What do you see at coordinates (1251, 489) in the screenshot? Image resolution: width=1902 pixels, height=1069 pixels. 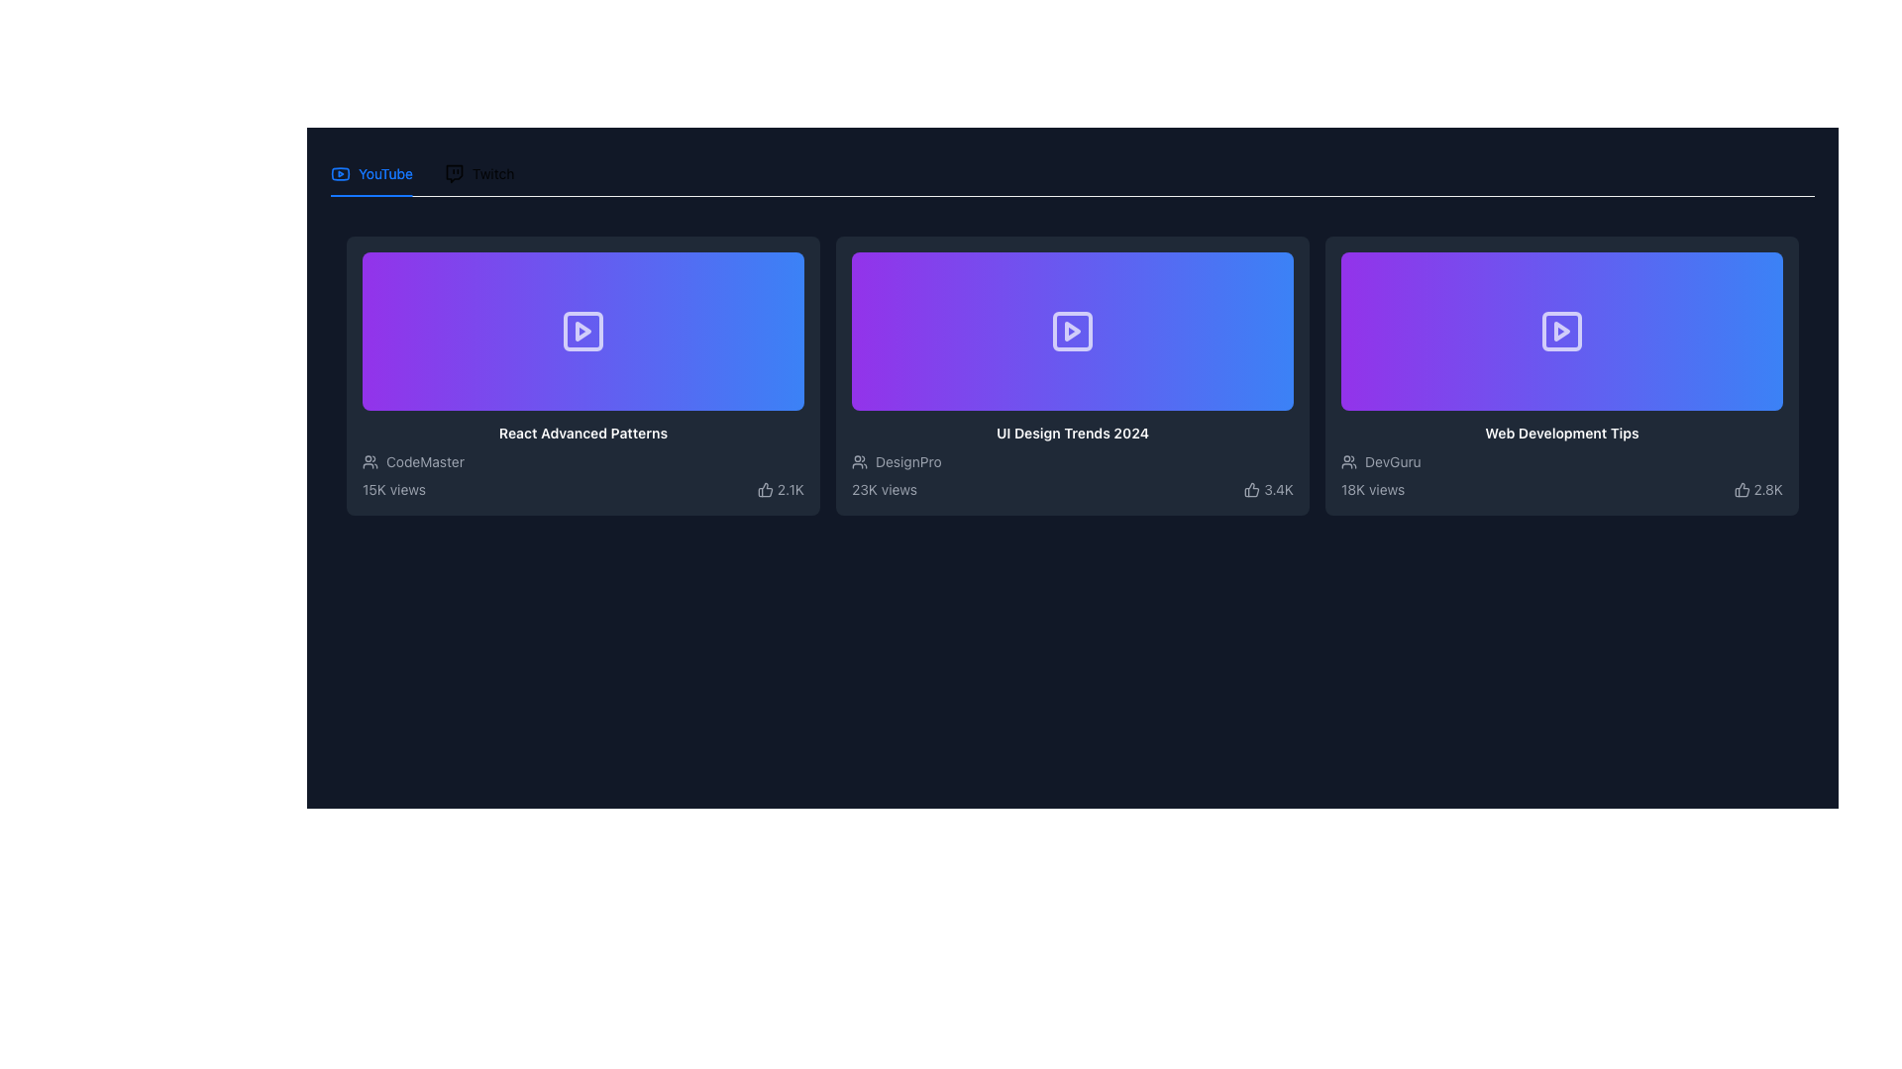 I see `the thumbs-up icon located on the second card in a horizontal arrangement of three cards, positioned to the left of the text '3.4K'` at bounding box center [1251, 489].